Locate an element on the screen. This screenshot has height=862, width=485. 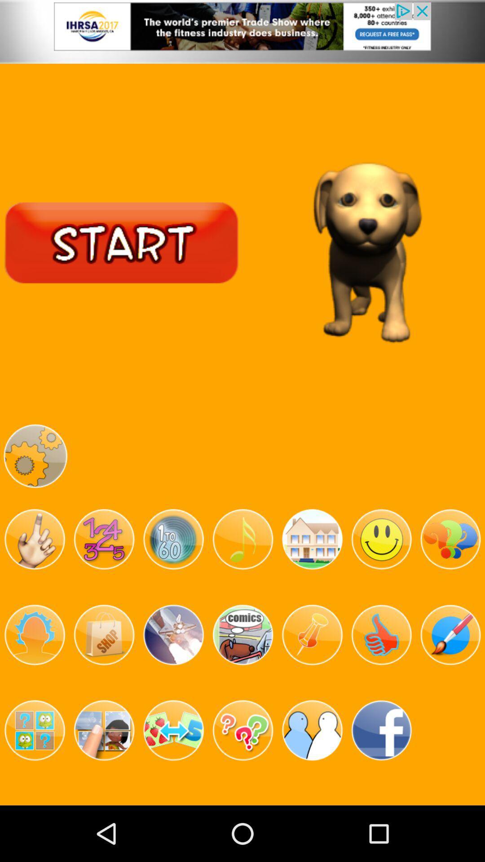
the edit icon is located at coordinates (450, 679).